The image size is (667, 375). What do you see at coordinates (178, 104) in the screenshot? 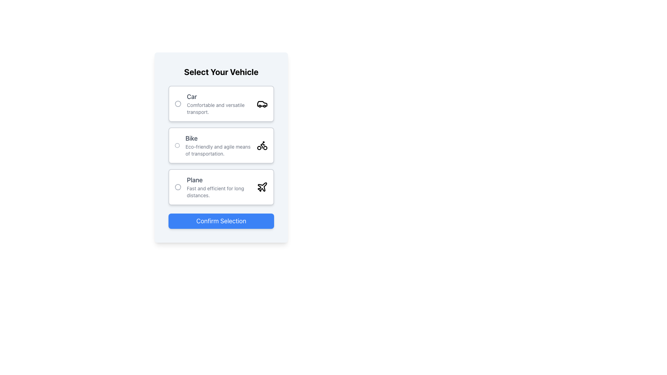
I see `the icon representing the 'Car' option, which serves as a visual cue indicating an option associated with the 'Car' choice, located to the left of the text 'Comfortable and versatile transport.'` at bounding box center [178, 104].